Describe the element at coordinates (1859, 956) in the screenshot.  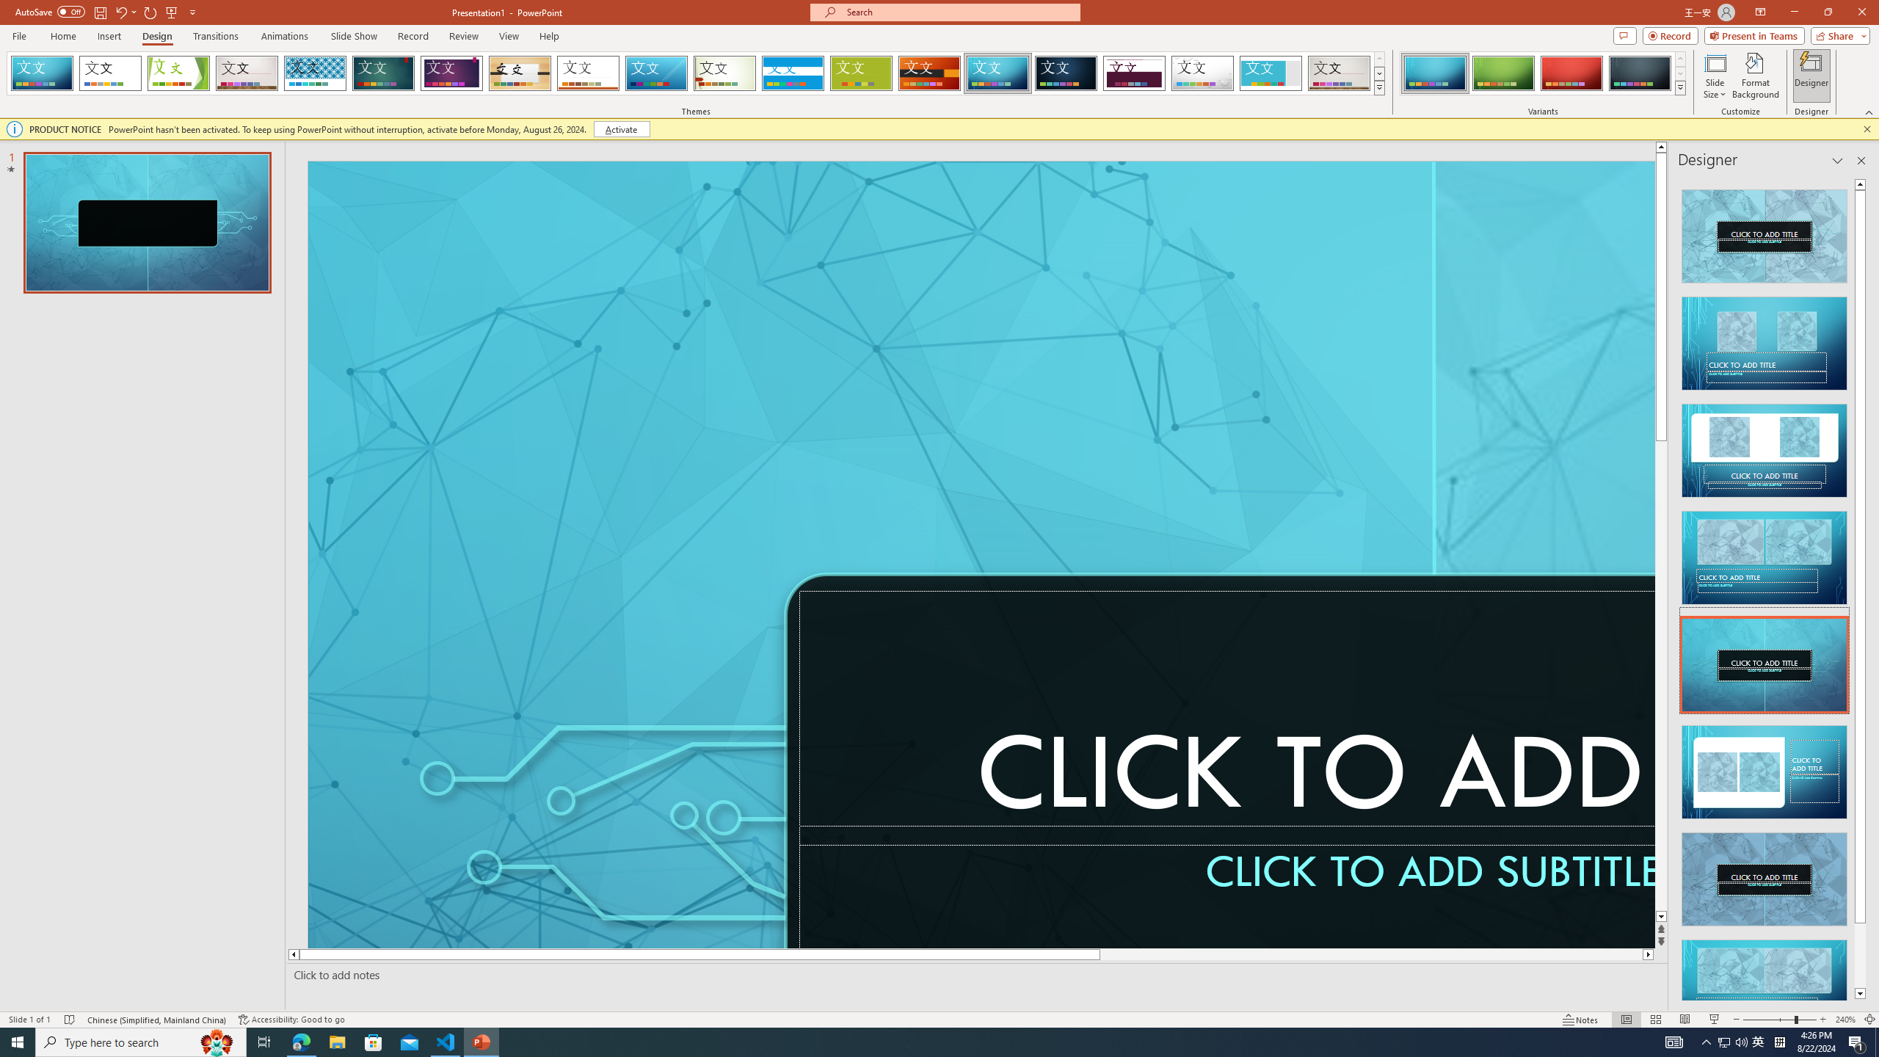
I see `'Page down'` at that location.